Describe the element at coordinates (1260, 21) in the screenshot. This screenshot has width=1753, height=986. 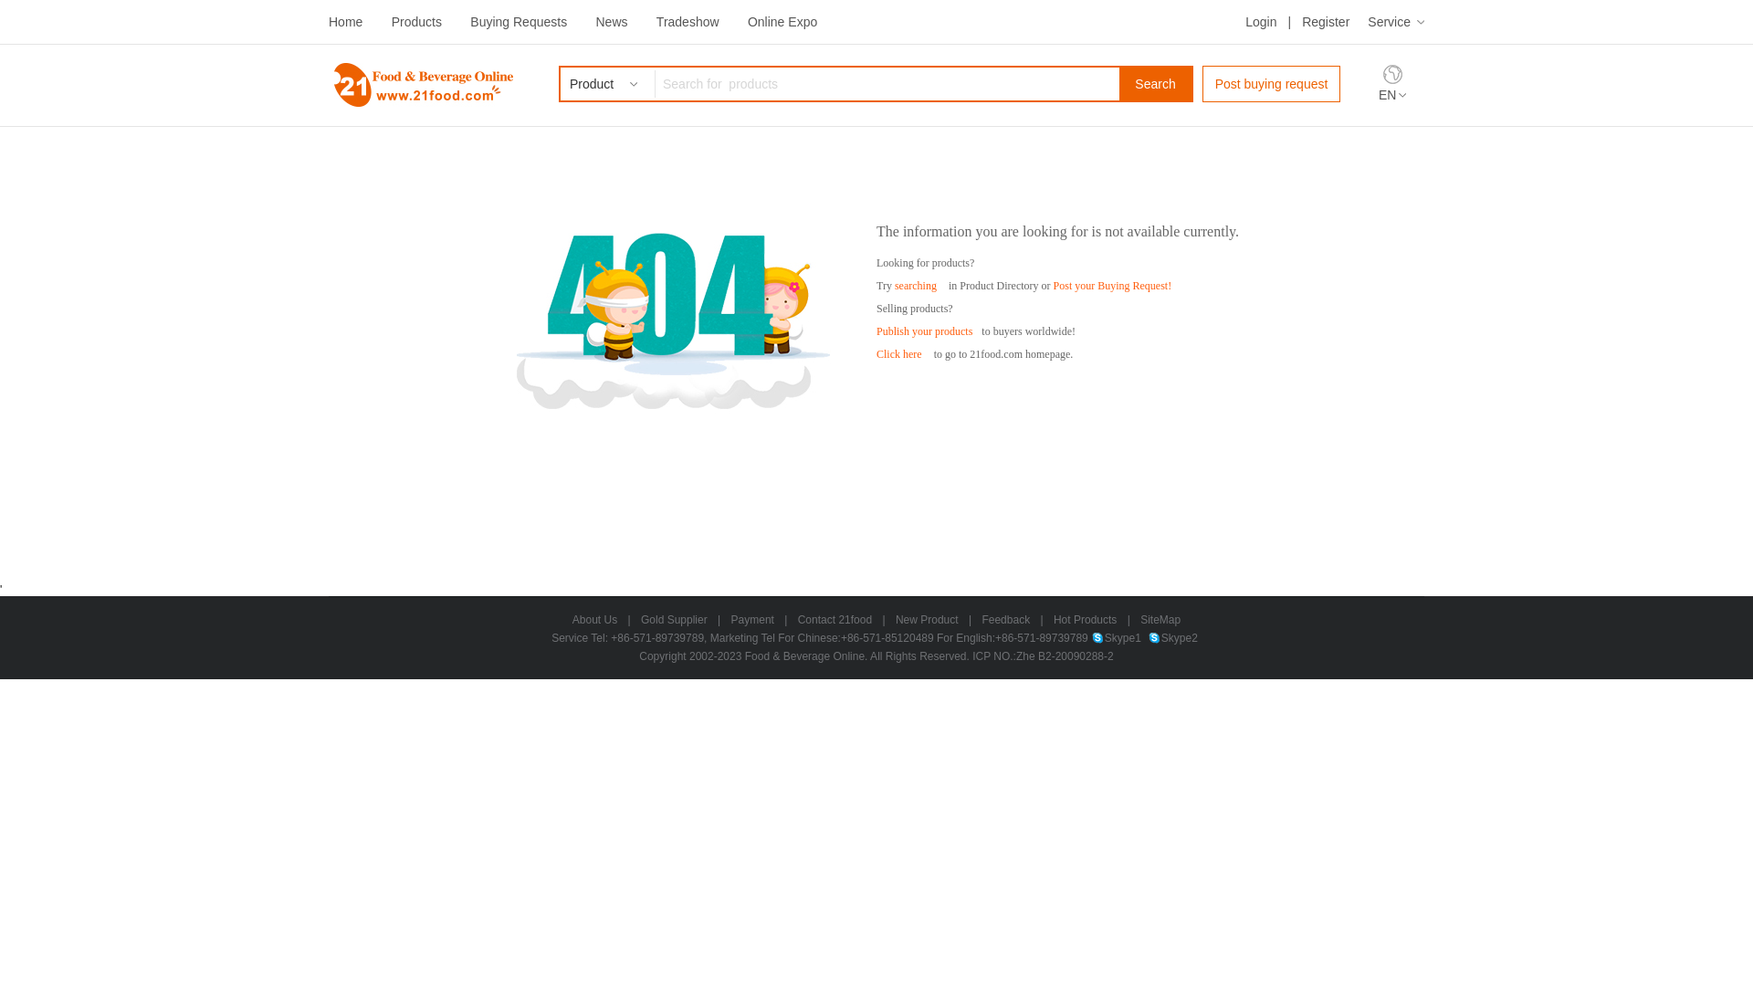
I see `'Login'` at that location.